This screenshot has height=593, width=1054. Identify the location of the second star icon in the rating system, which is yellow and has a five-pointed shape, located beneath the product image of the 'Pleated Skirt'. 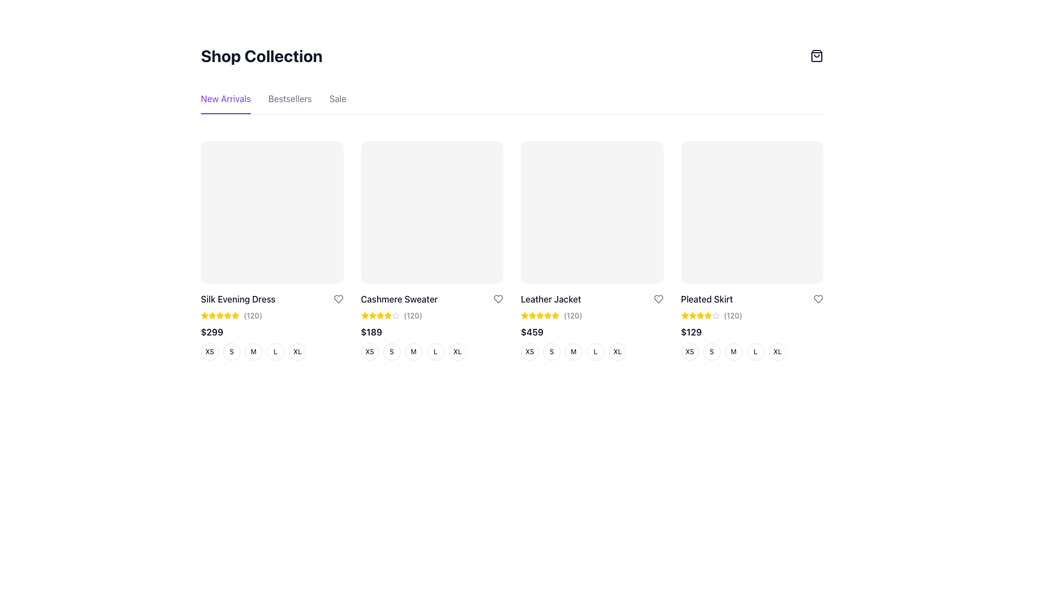
(692, 315).